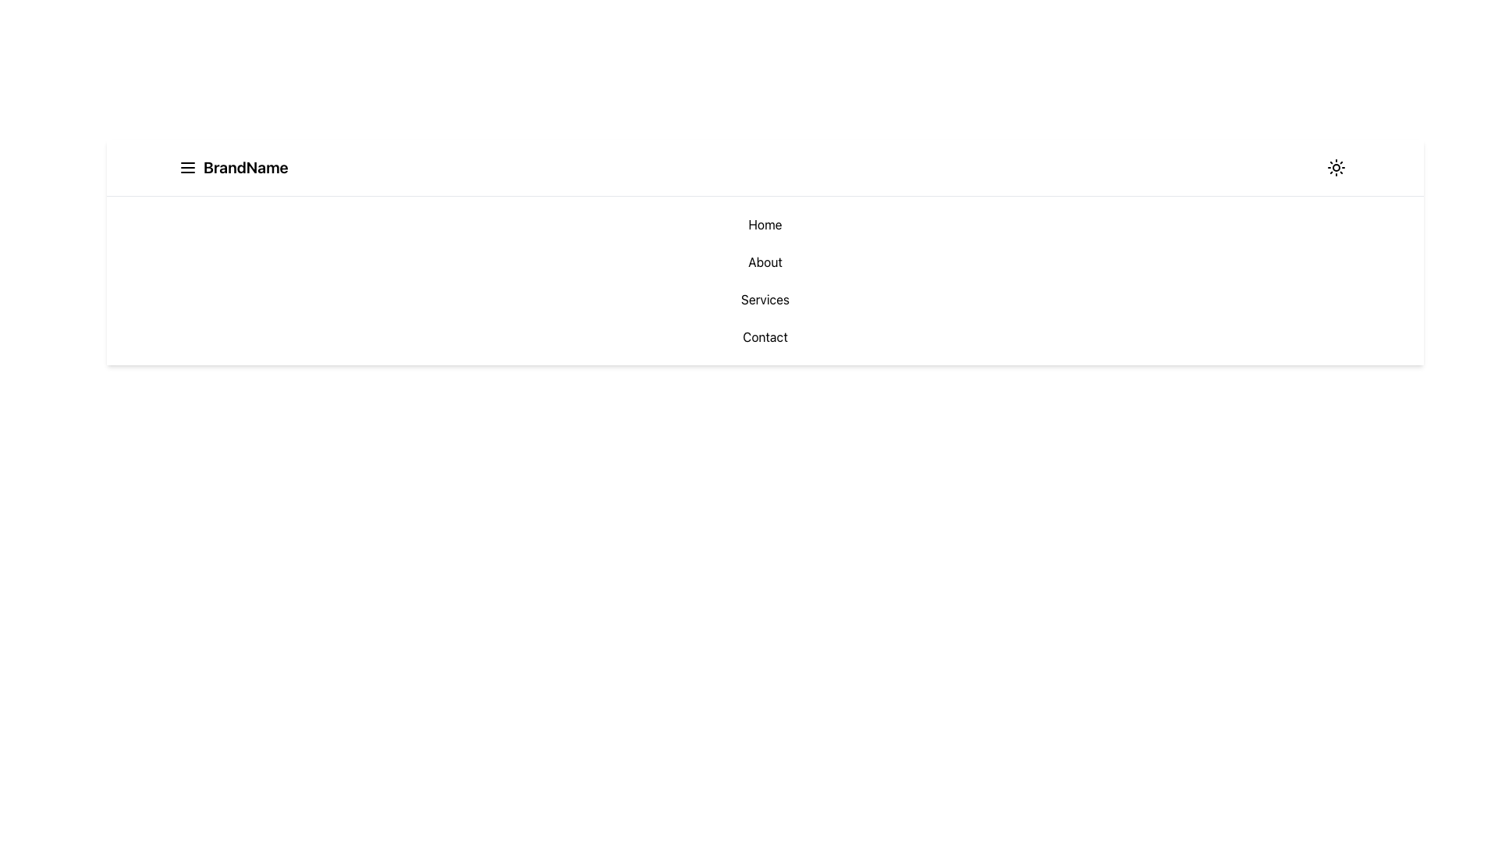 Image resolution: width=1498 pixels, height=843 pixels. What do you see at coordinates (245, 168) in the screenshot?
I see `the label or heading text representing the brand or logo, located in the top-left region of the interface, to the right of the menu icon` at bounding box center [245, 168].